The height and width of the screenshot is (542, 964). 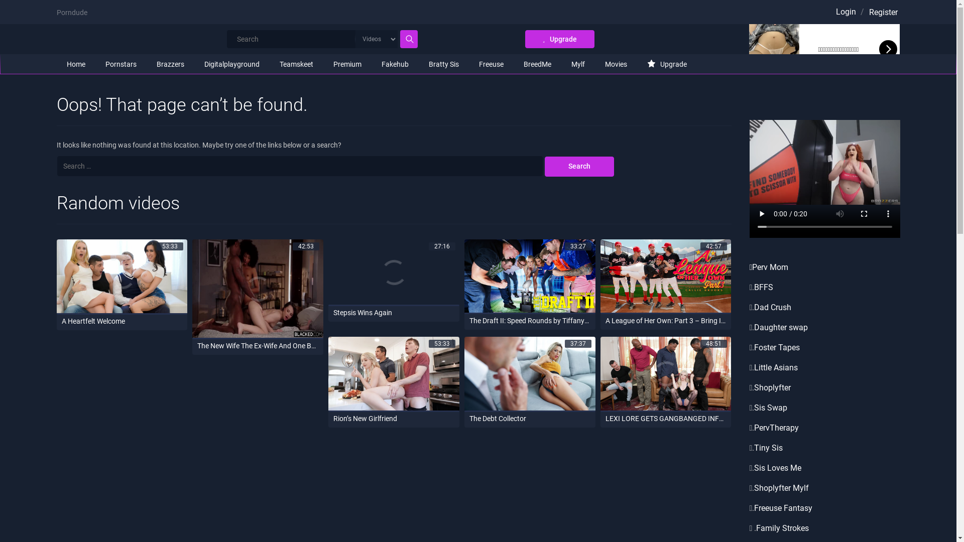 I want to click on 'Daughter swap', so click(x=780, y=327).